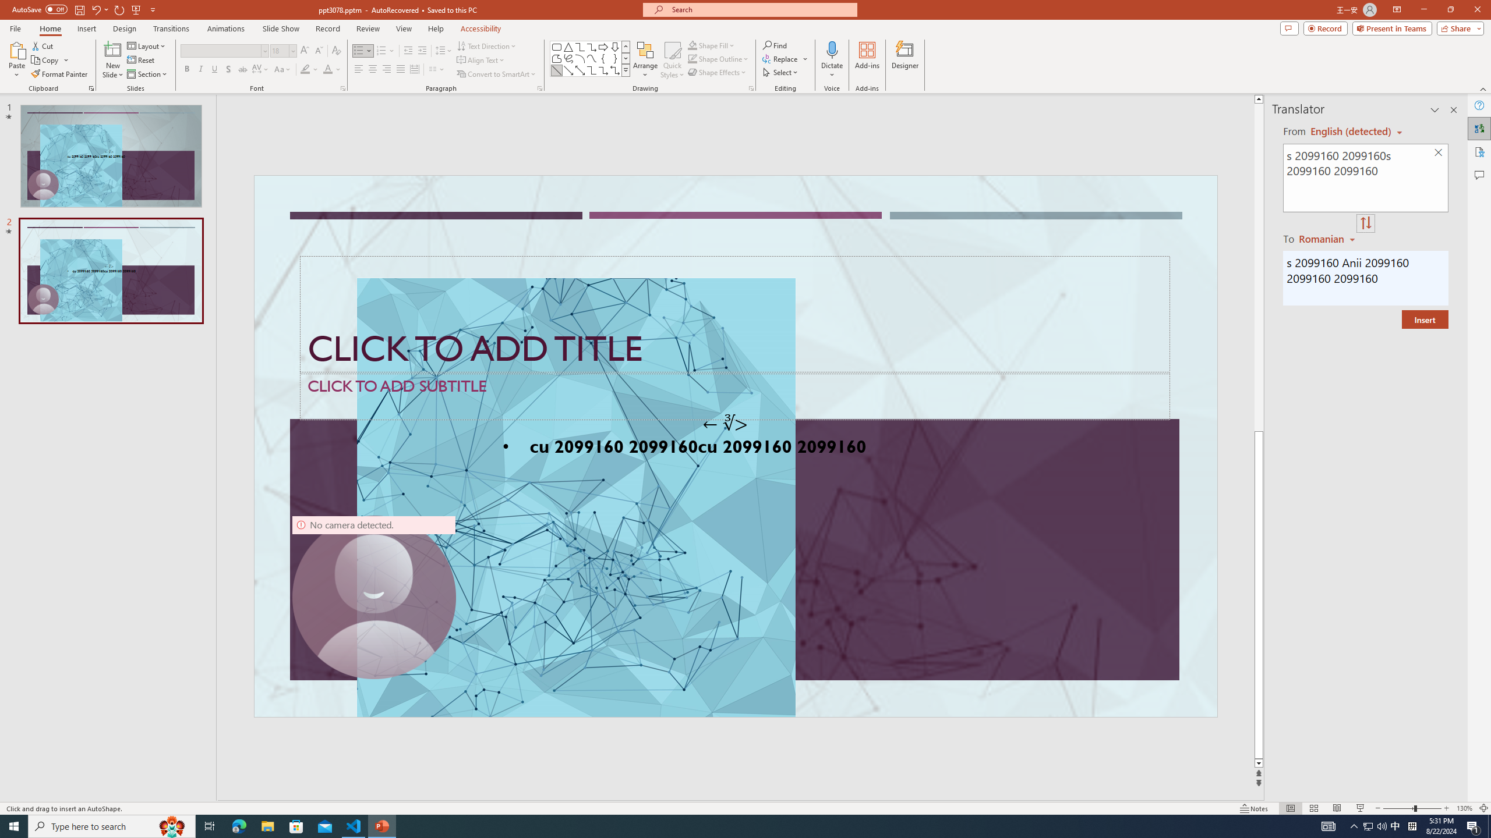 Image resolution: width=1491 pixels, height=838 pixels. I want to click on 'Connector: Elbow Double-Arrow', so click(614, 69).